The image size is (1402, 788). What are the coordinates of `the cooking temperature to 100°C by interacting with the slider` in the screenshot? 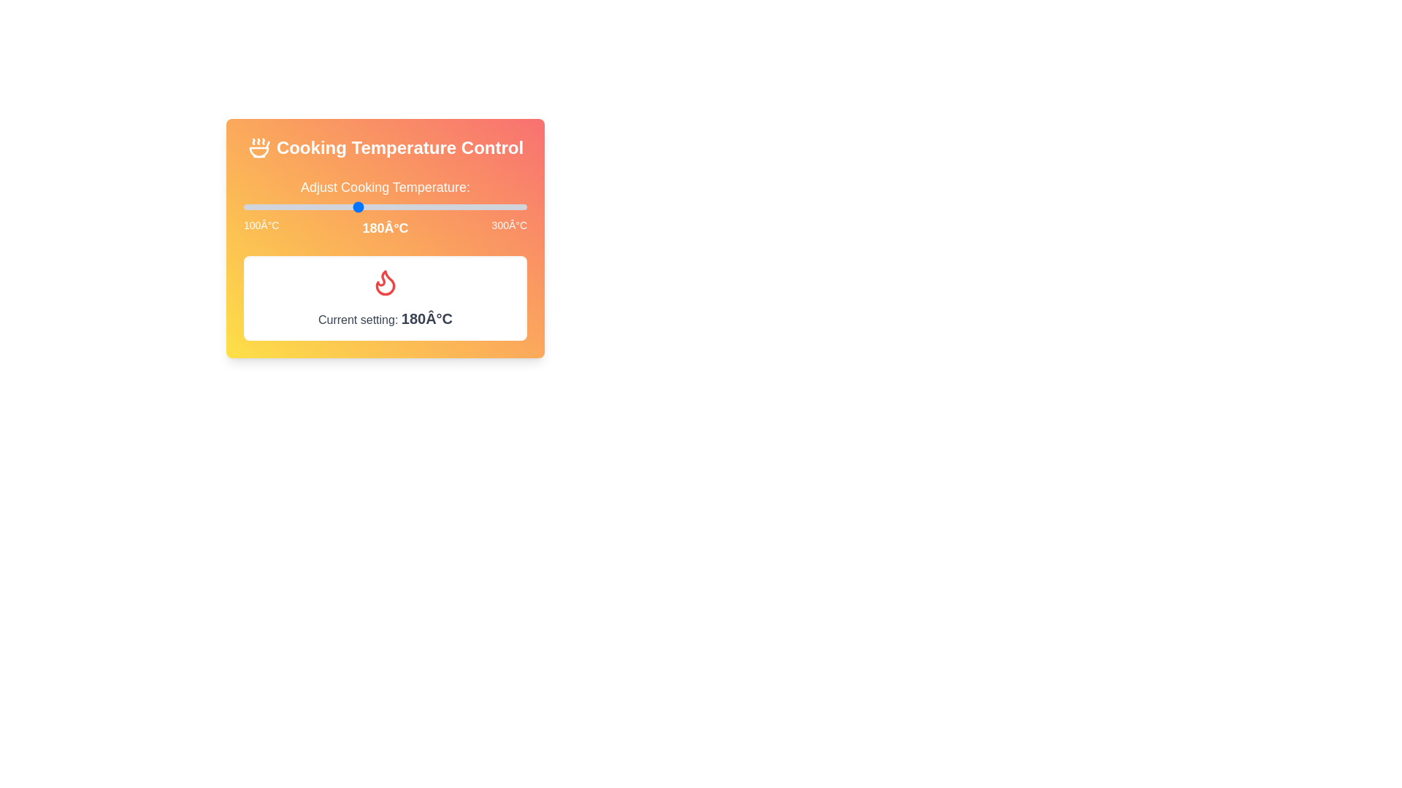 It's located at (244, 207).